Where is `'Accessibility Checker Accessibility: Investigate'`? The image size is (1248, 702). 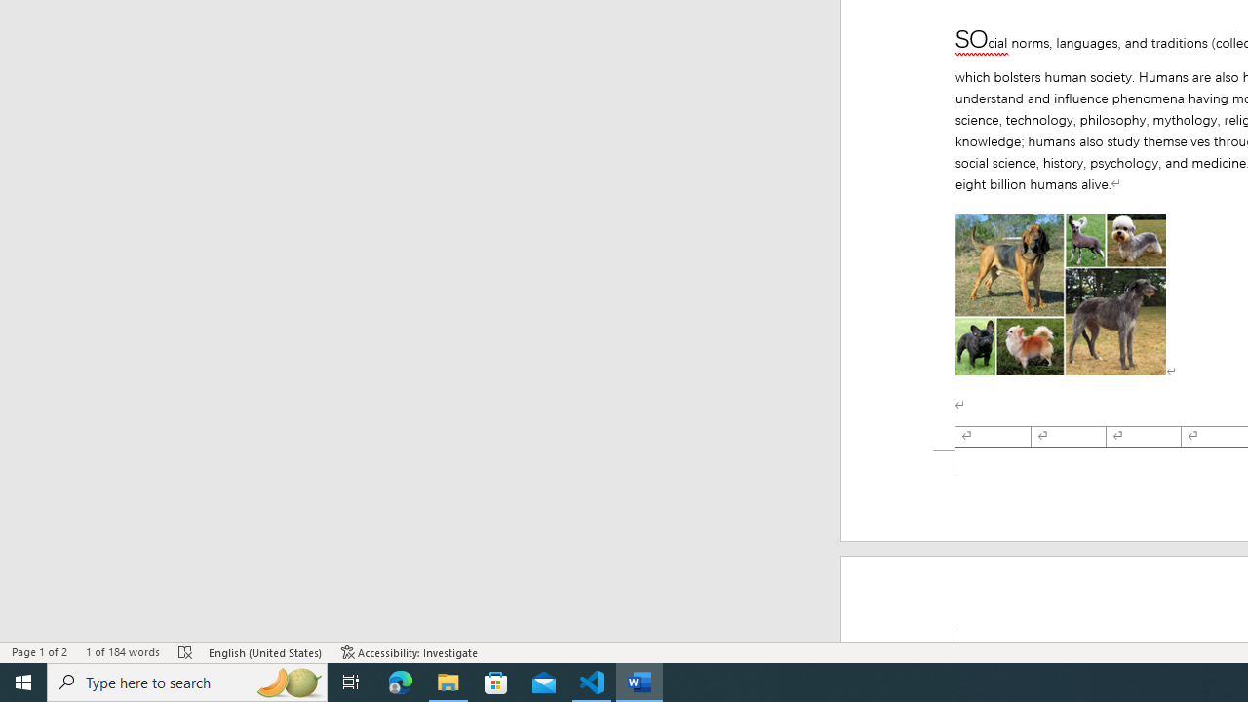 'Accessibility Checker Accessibility: Investigate' is located at coordinates (409, 652).